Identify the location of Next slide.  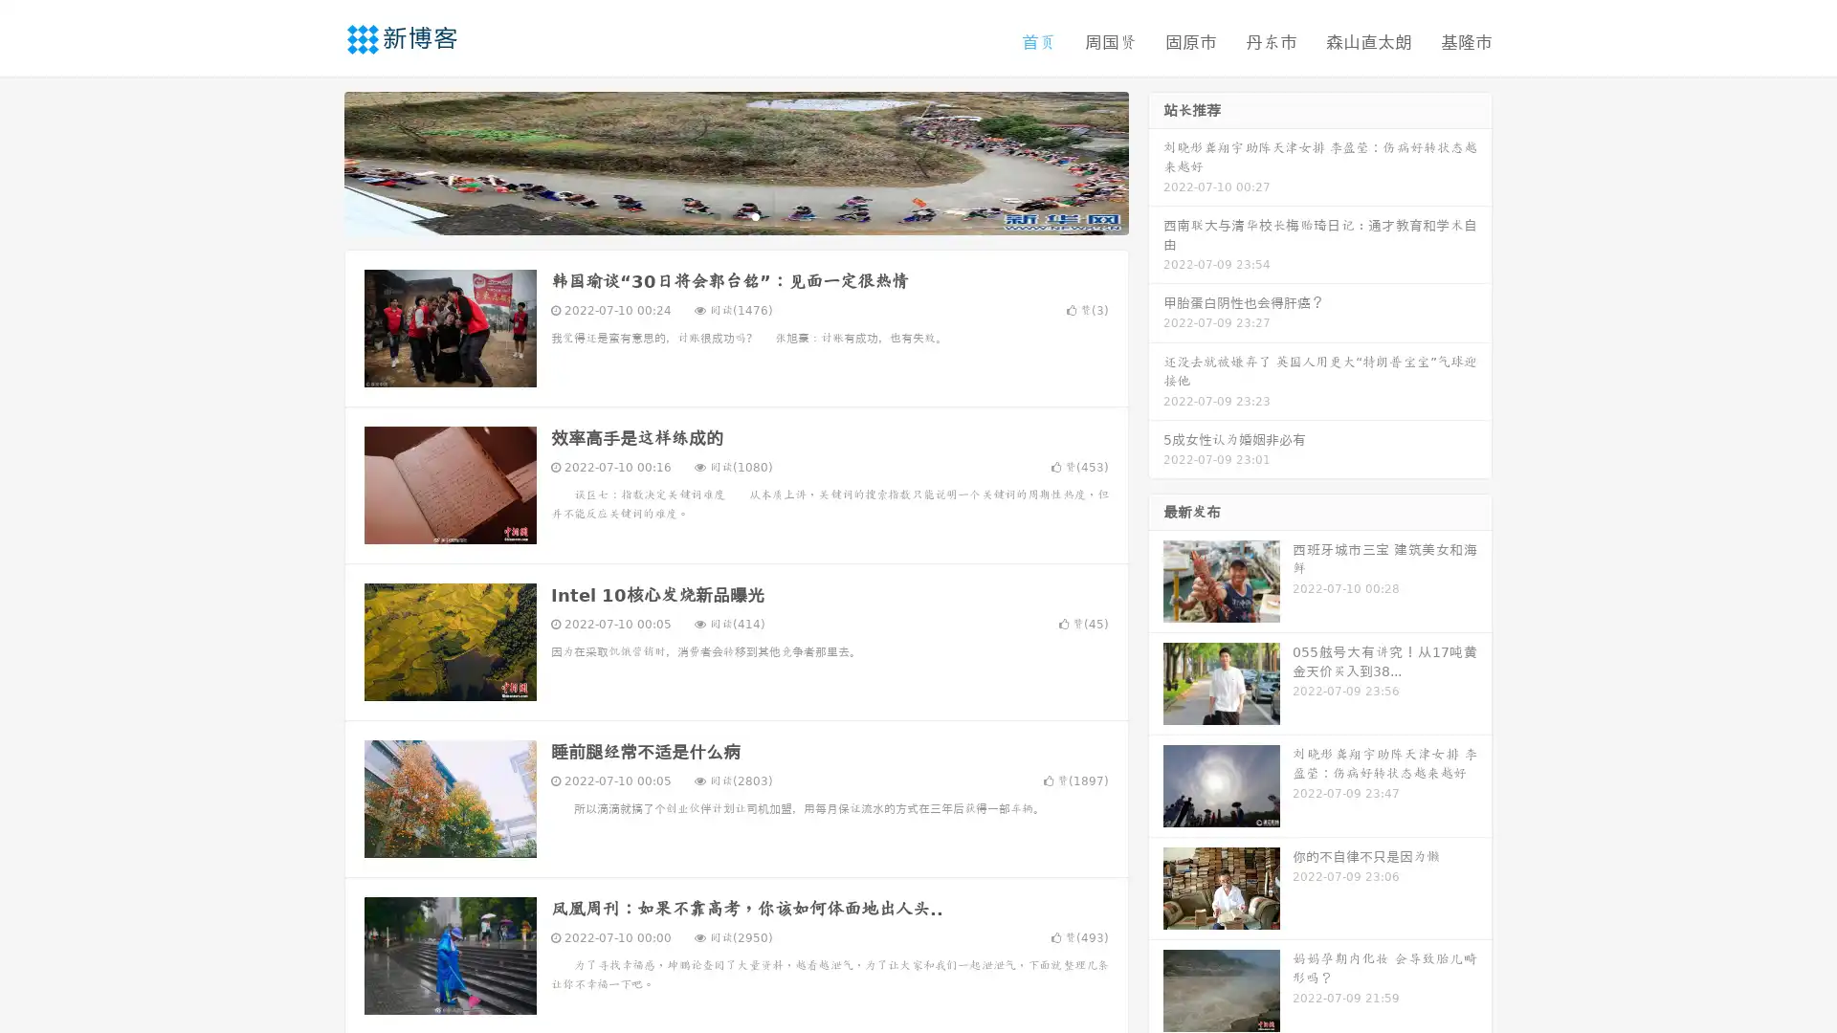
(1156, 161).